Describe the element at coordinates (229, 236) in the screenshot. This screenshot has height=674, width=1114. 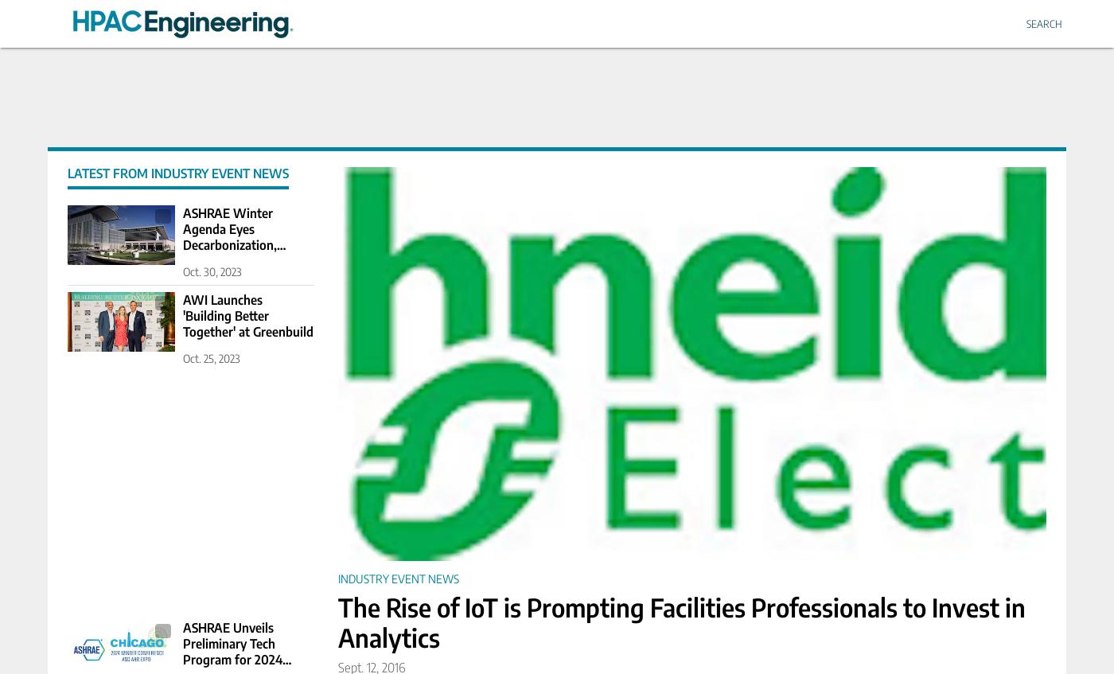
I see `'ASHRAE Winter Agenda Eyes Decarbonization, Refrigerants, AI'` at that location.